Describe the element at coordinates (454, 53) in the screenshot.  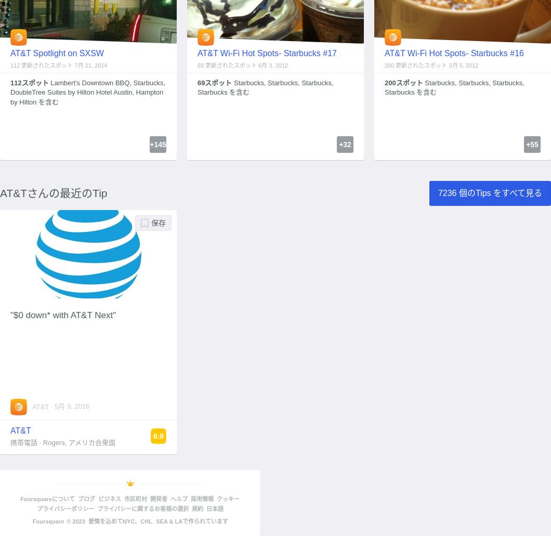
I see `'AT&T Wi-Fi Hot Spots- Starbucks #16'` at that location.